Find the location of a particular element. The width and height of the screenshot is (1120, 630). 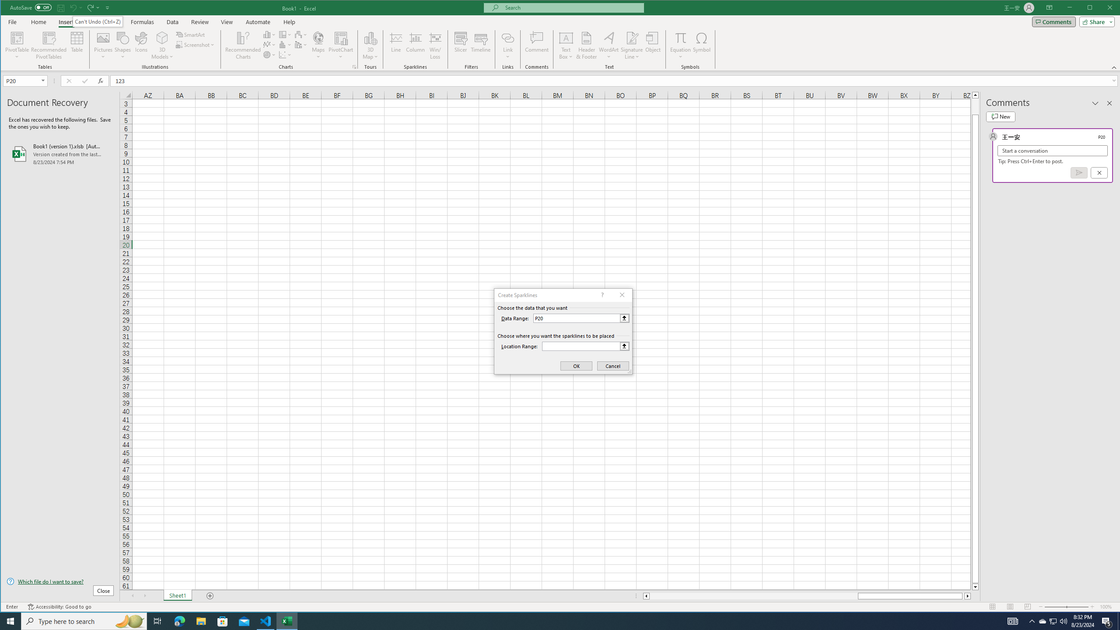

'Pictures' is located at coordinates (103, 45).